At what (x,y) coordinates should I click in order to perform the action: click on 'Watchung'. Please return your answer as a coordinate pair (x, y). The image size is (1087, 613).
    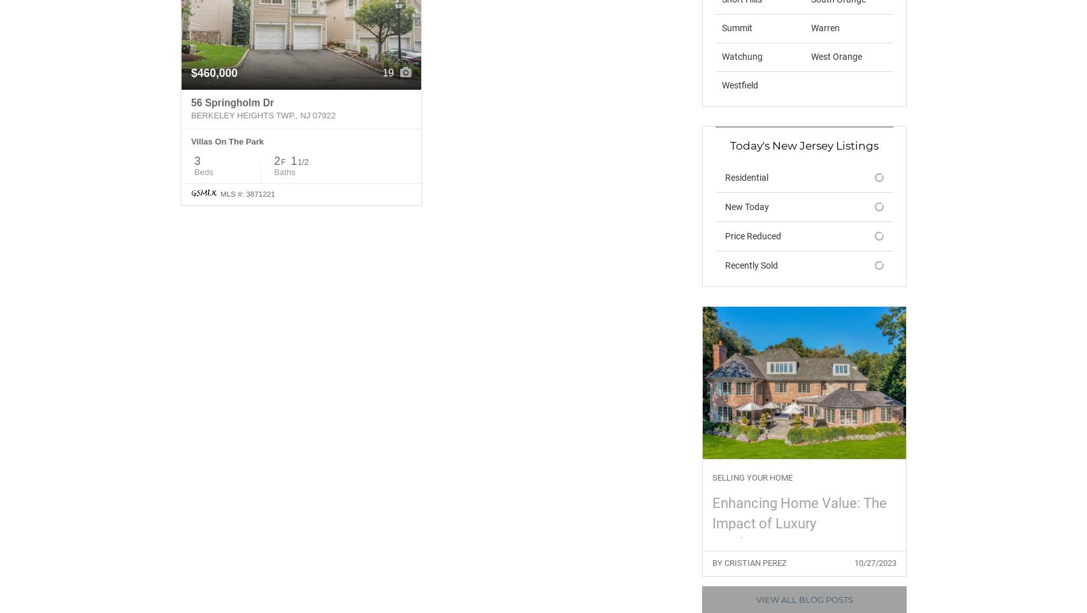
    Looking at the image, I should click on (742, 55).